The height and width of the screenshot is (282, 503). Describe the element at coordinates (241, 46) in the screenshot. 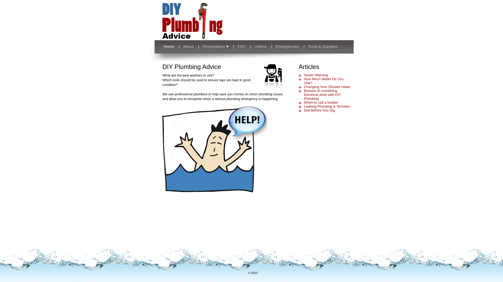

I see `'FAQ'` at that location.